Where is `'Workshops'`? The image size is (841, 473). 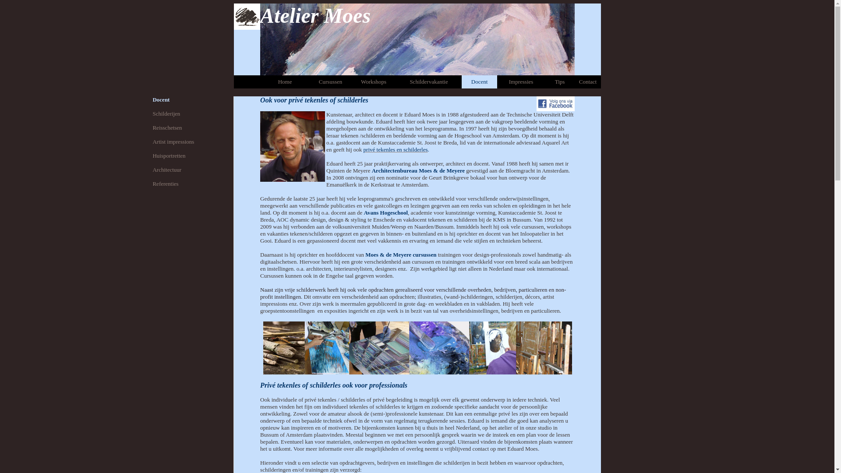 'Workshops' is located at coordinates (374, 81).